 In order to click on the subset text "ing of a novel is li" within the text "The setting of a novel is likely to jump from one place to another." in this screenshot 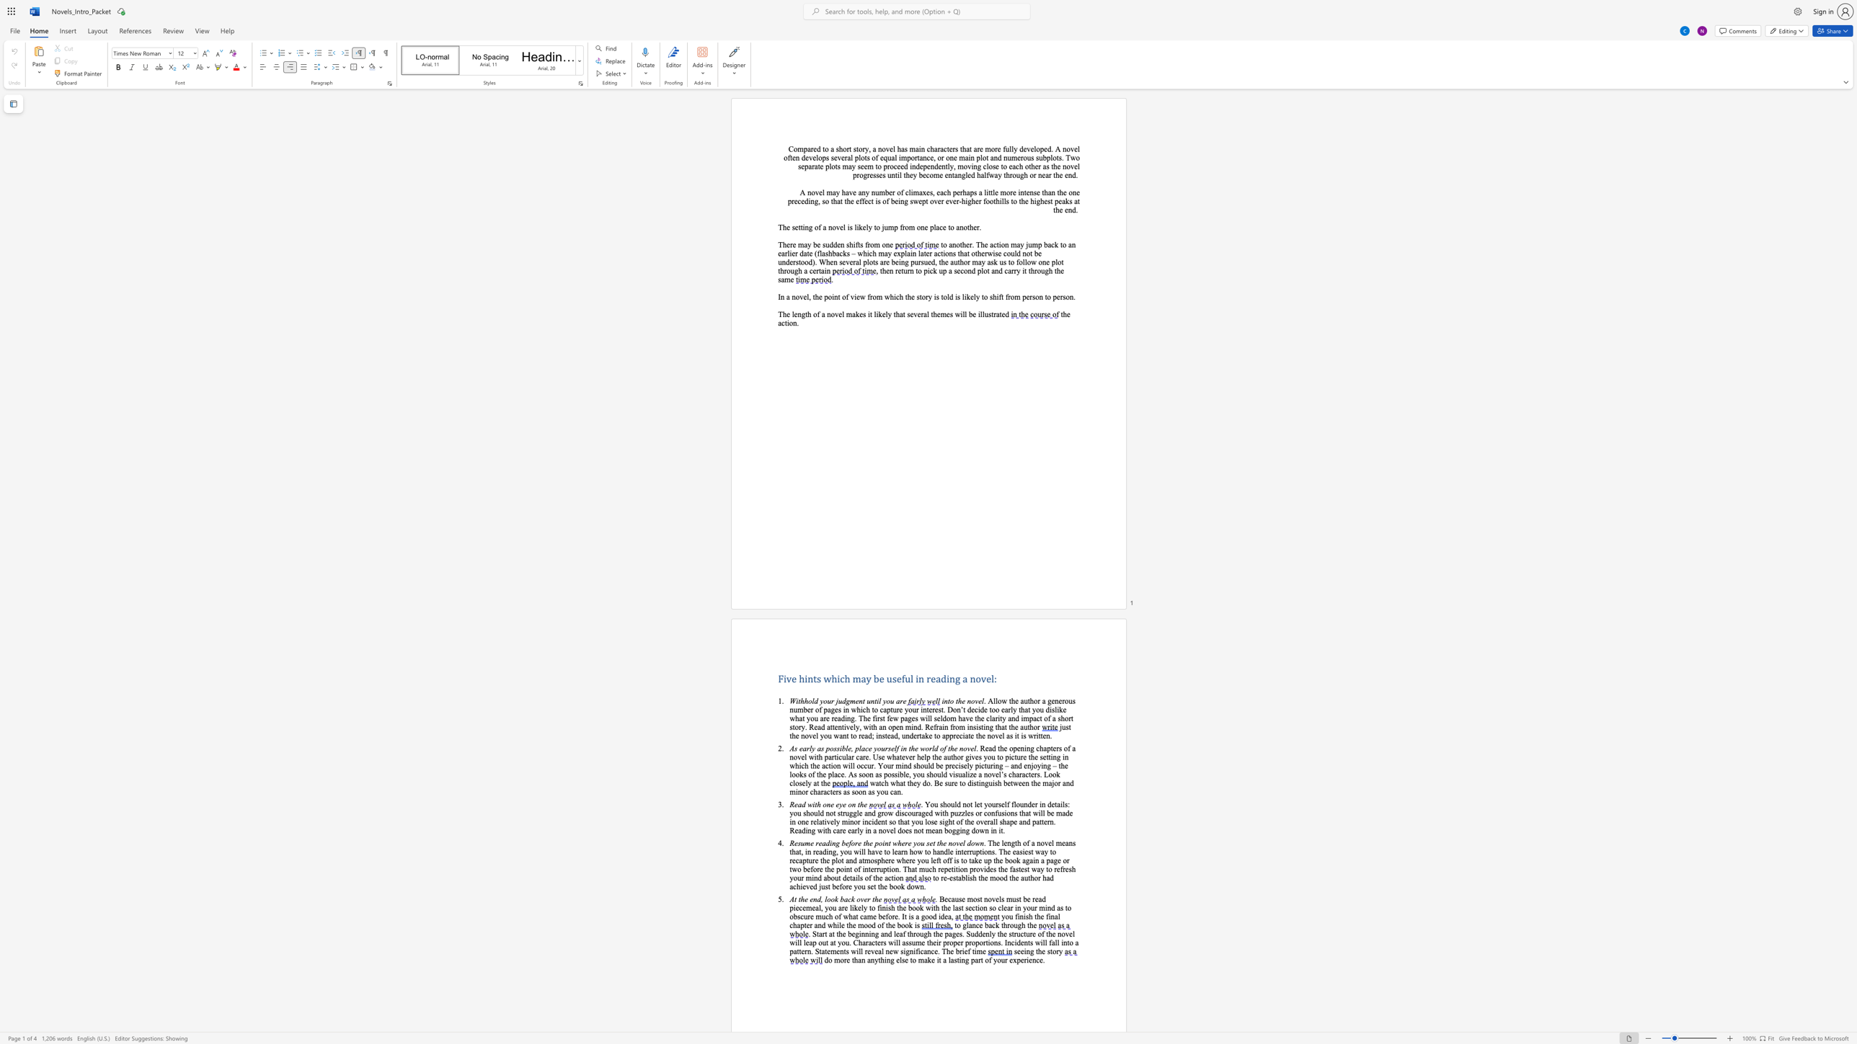, I will do `click(803, 227)`.